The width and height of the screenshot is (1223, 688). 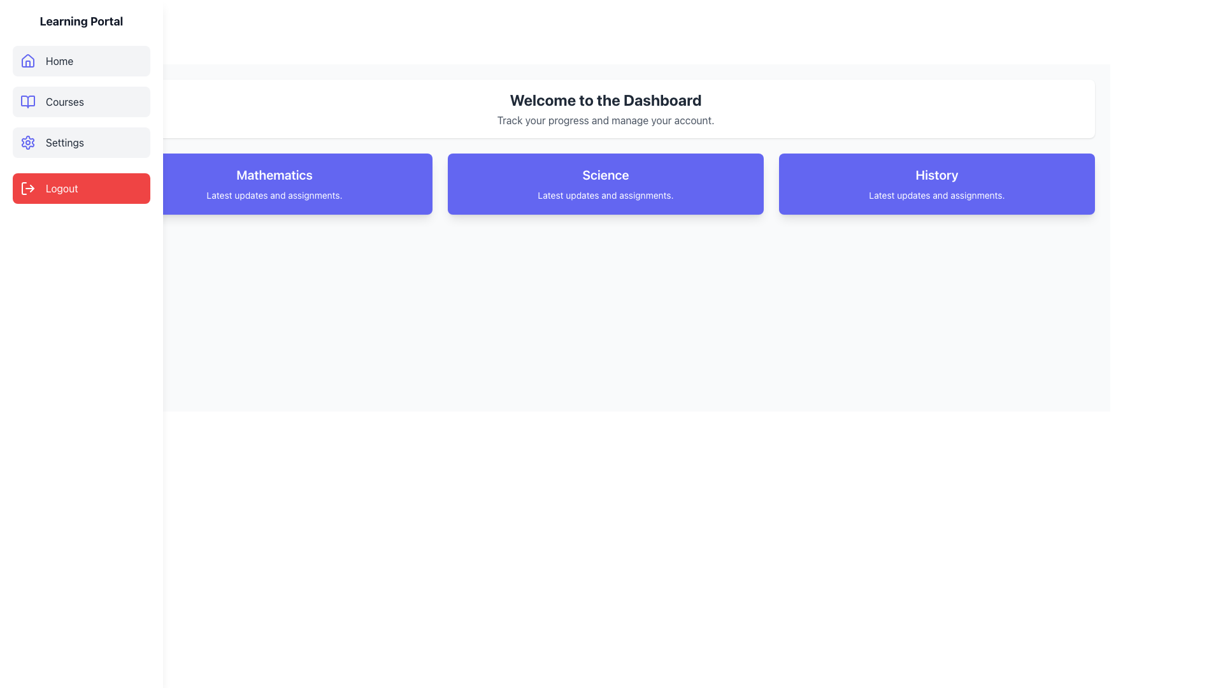 What do you see at coordinates (604, 120) in the screenshot?
I see `the text label that reads 'Track your progress and manage your account.' which is styled in muted gray and located beneath the main heading 'Welcome to the Dashboard'` at bounding box center [604, 120].